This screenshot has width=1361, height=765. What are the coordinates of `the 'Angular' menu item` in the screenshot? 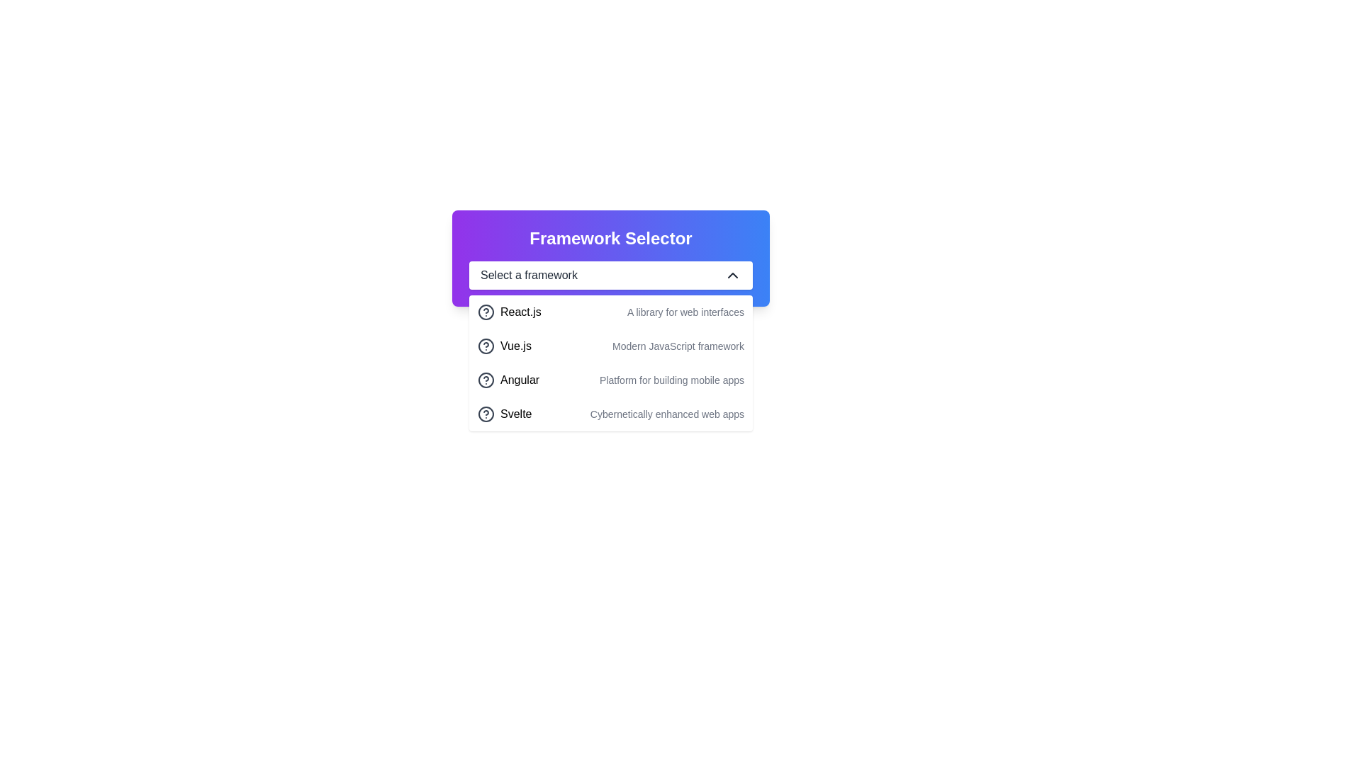 It's located at (508, 379).